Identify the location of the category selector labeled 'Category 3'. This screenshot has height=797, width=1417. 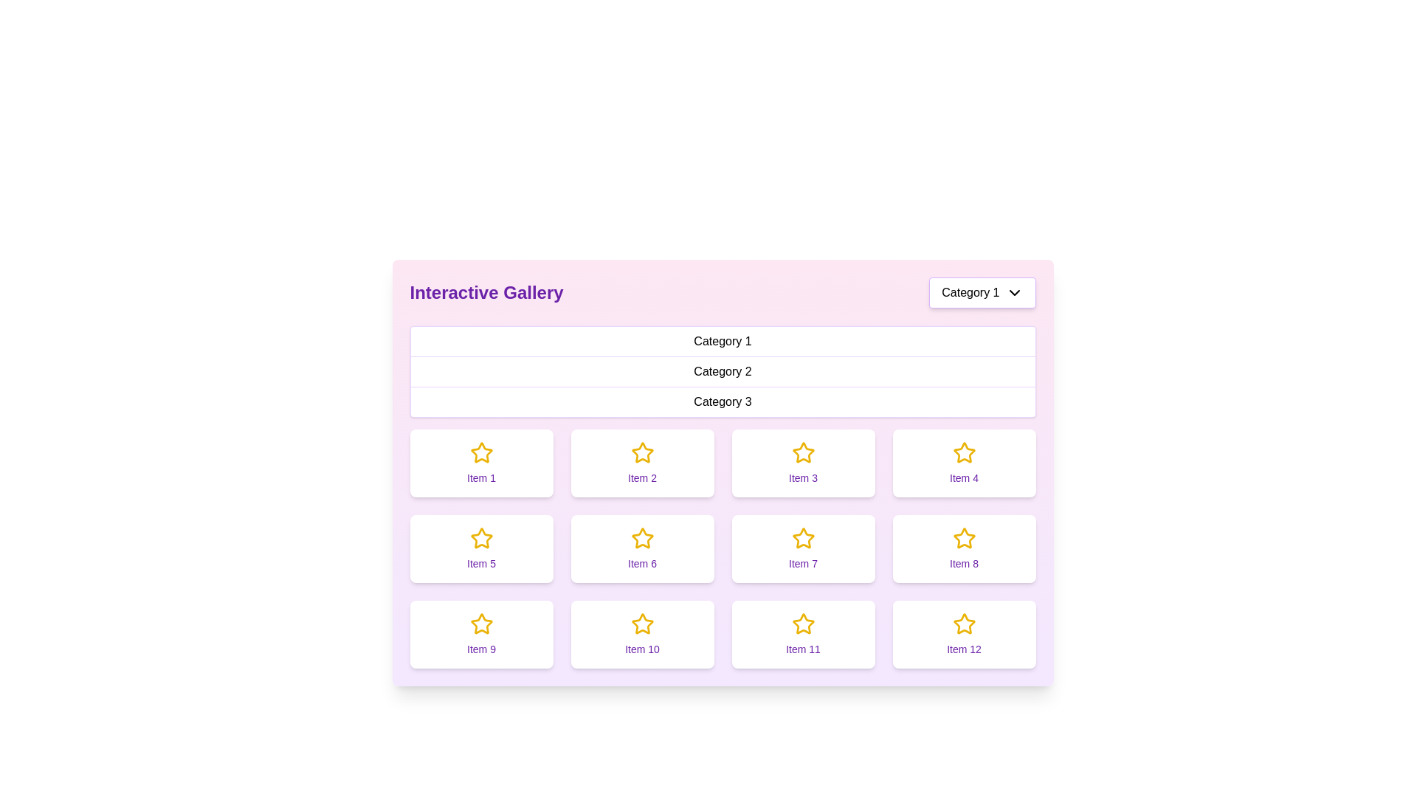
(723, 401).